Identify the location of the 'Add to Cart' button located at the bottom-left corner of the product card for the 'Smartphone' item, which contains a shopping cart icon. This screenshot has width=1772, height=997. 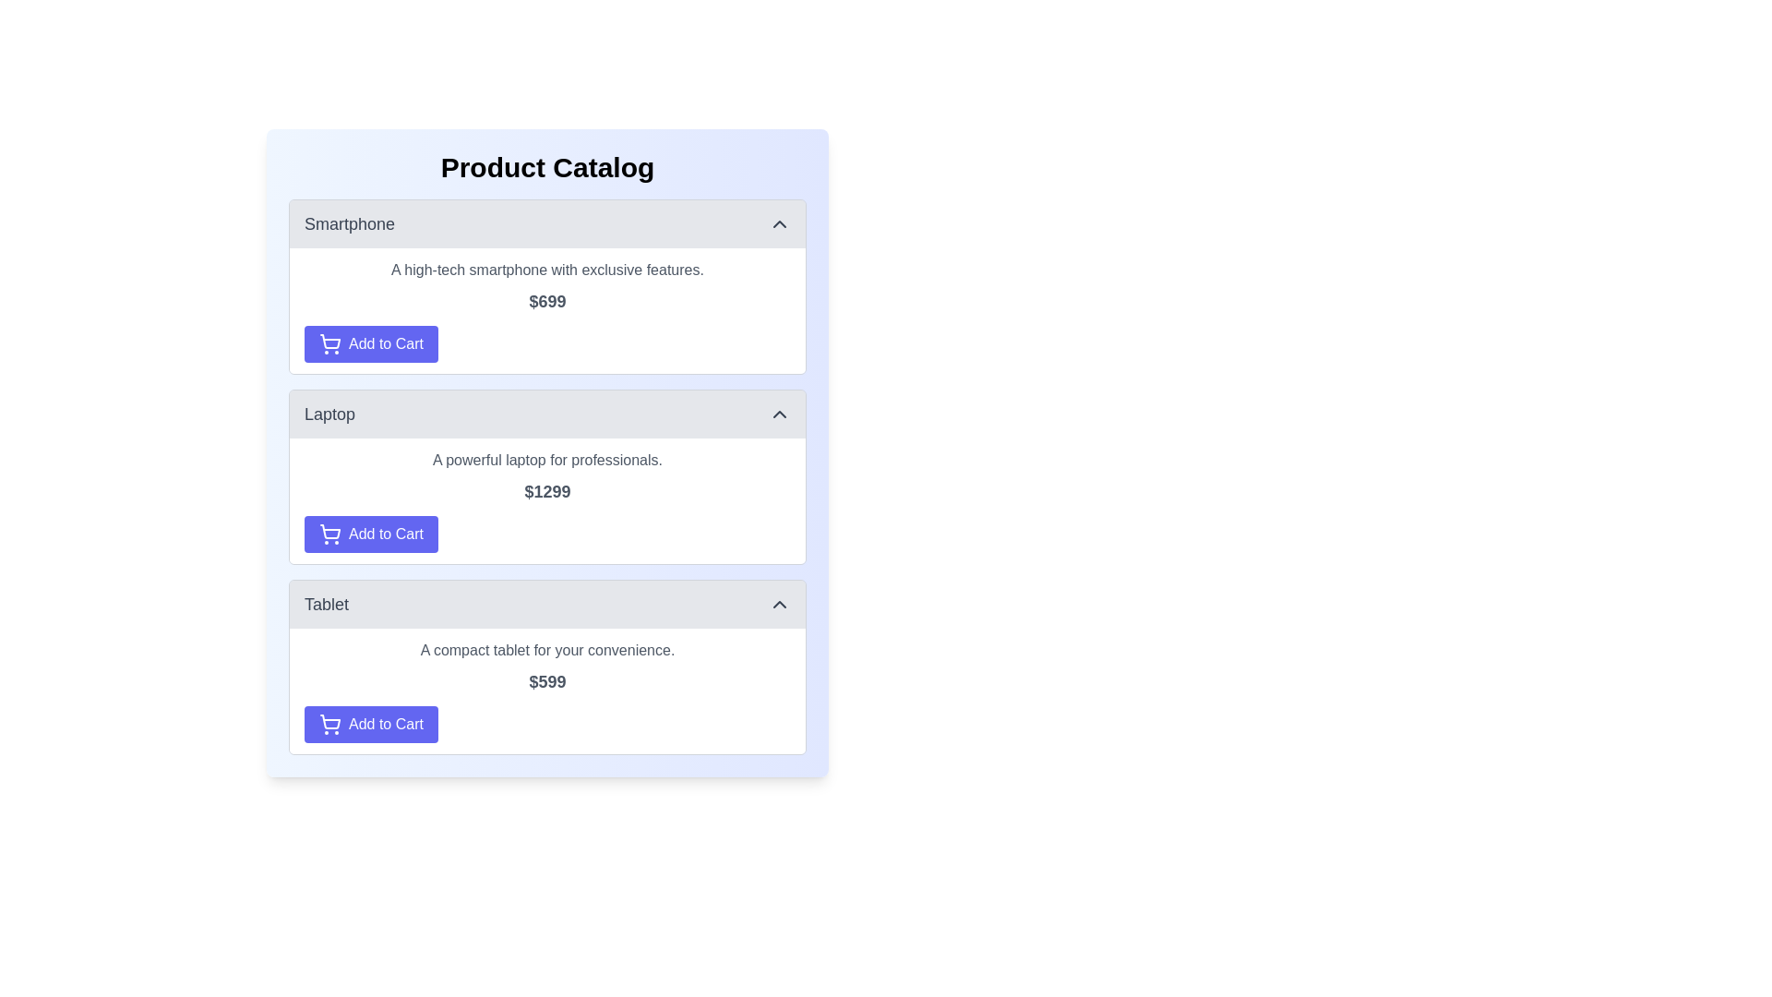
(330, 344).